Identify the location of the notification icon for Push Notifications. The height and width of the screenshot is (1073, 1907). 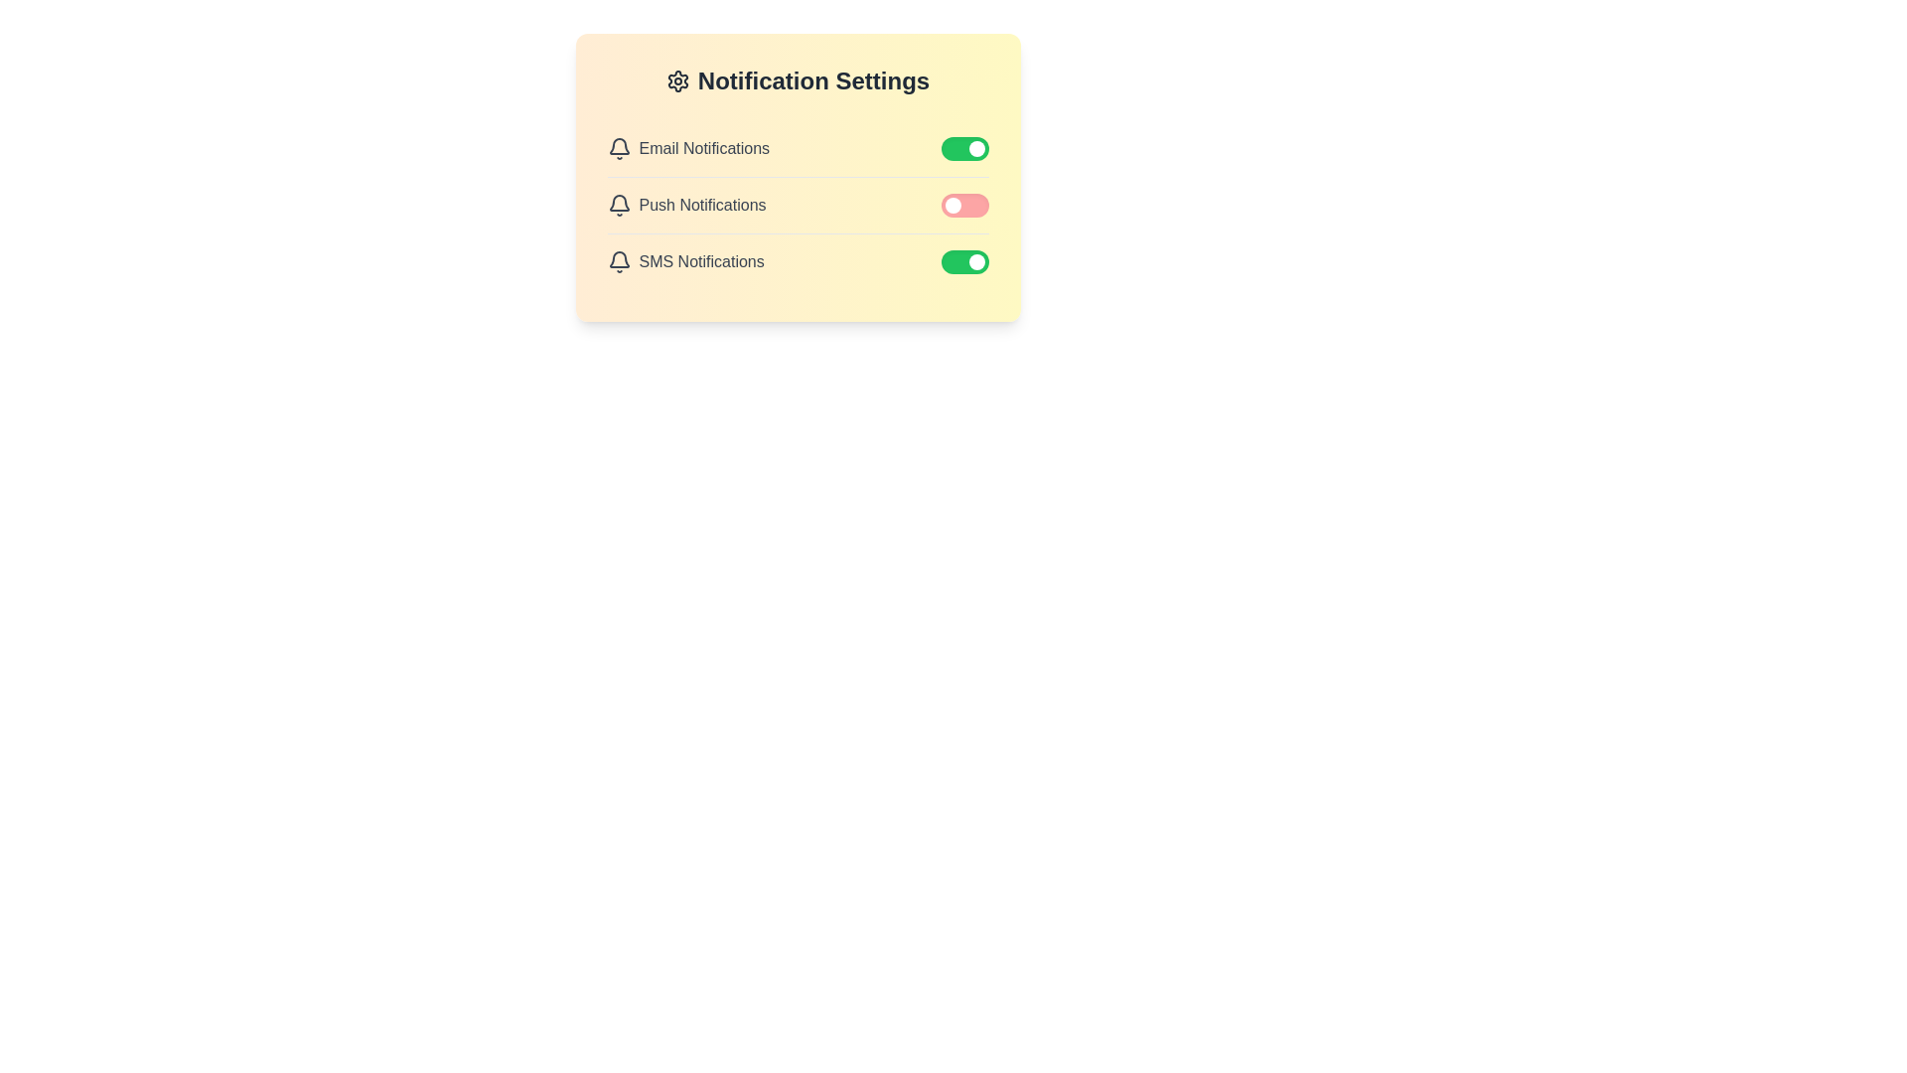
(618, 206).